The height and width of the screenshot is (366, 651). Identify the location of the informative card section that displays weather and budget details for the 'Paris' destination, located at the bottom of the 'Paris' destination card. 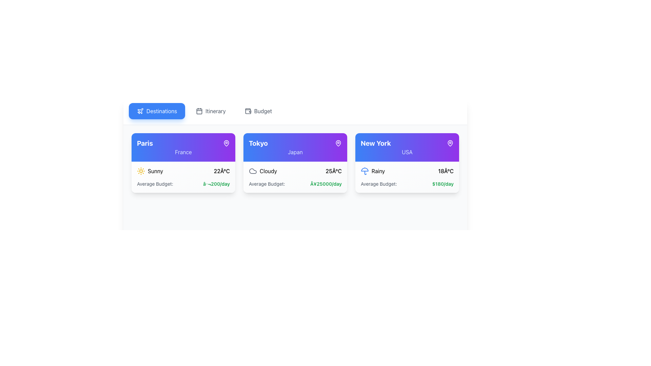
(183, 177).